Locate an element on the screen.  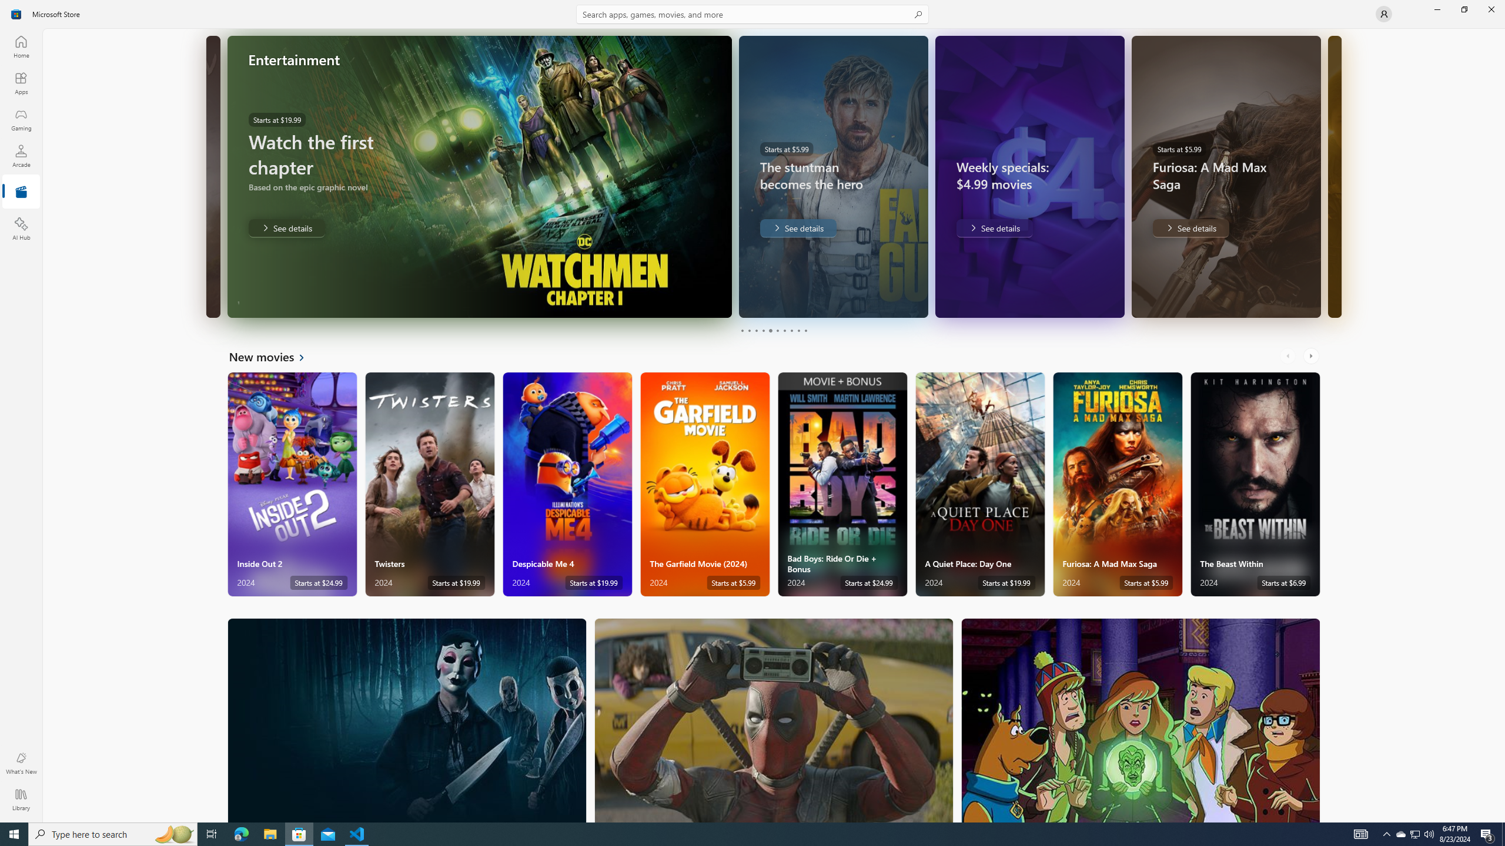
'AutomationID: RightScrollButton' is located at coordinates (1312, 355).